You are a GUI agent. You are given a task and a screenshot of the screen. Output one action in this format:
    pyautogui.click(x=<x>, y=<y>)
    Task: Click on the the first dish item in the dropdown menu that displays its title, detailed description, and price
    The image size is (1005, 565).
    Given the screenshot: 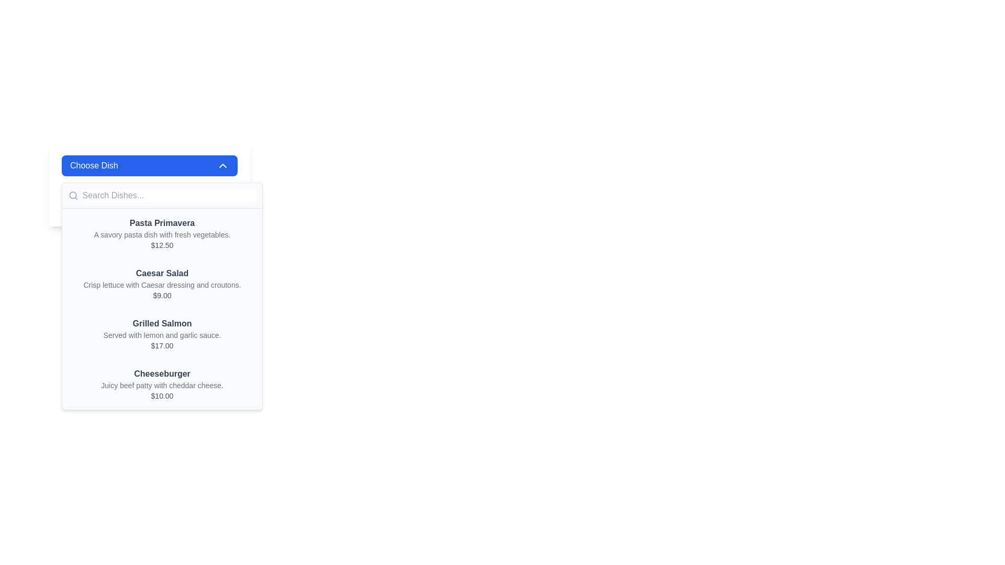 What is the action you would take?
    pyautogui.click(x=162, y=233)
    